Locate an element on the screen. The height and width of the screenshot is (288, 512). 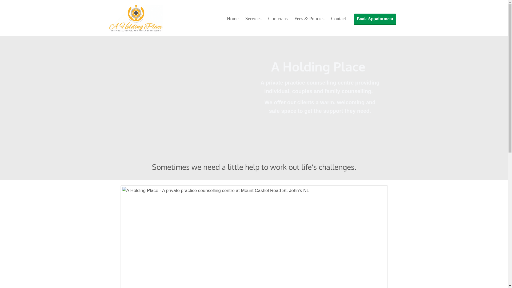
'Contact' is located at coordinates (338, 18).